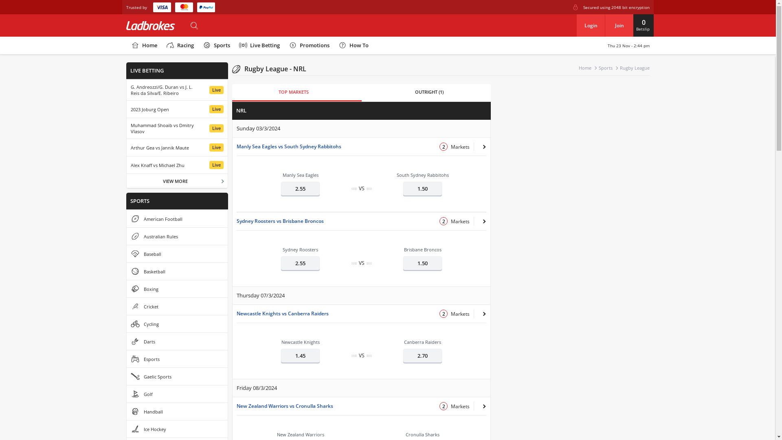 The width and height of the screenshot is (782, 440). What do you see at coordinates (161, 45) in the screenshot?
I see `'Racing'` at bounding box center [161, 45].